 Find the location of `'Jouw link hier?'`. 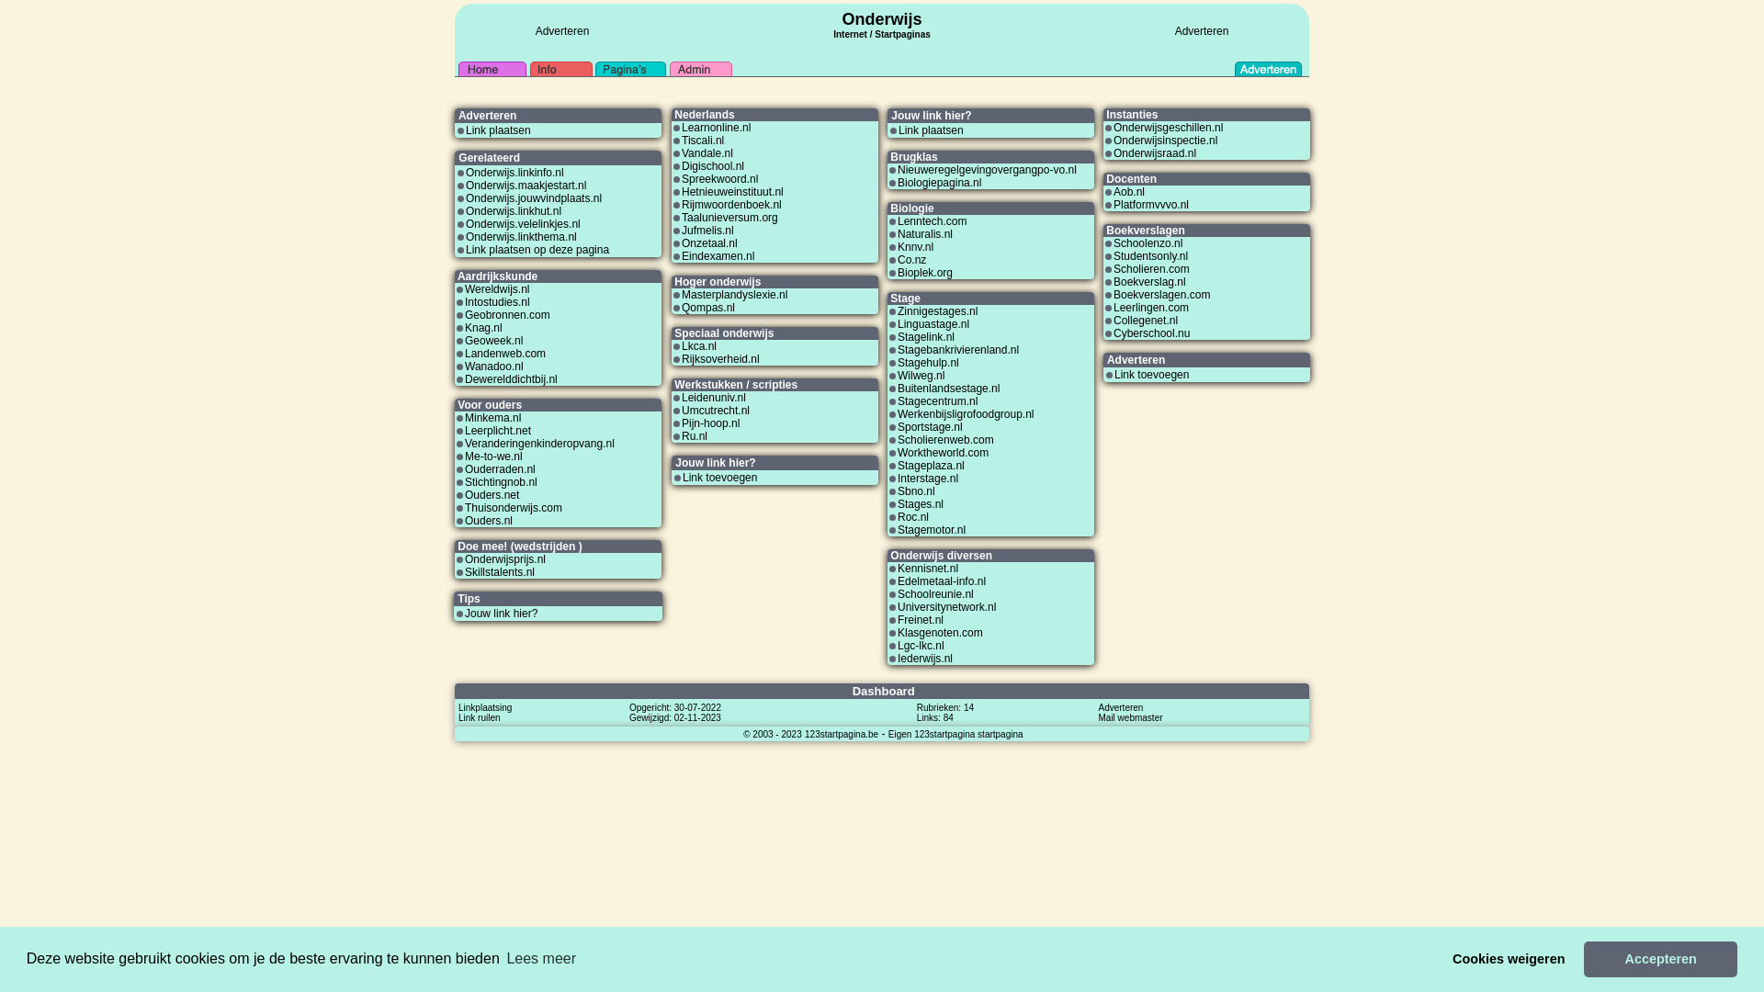

'Jouw link hier?' is located at coordinates (501, 613).